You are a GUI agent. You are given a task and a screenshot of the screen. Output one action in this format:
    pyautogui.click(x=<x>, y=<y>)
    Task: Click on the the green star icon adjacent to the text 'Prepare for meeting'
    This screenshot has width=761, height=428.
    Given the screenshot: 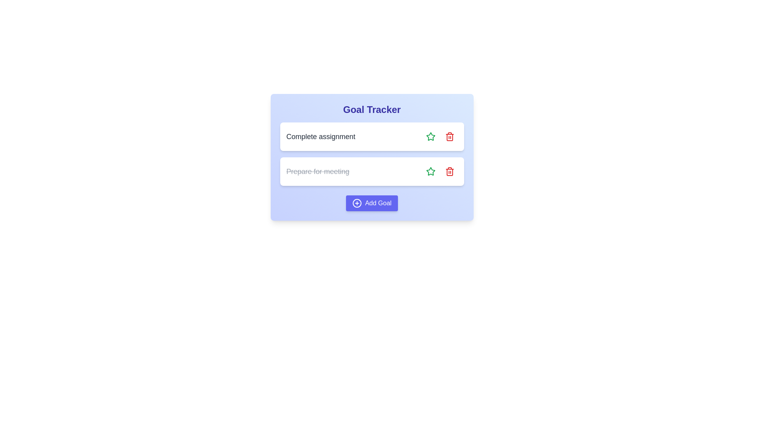 What is the action you would take?
    pyautogui.click(x=430, y=136)
    